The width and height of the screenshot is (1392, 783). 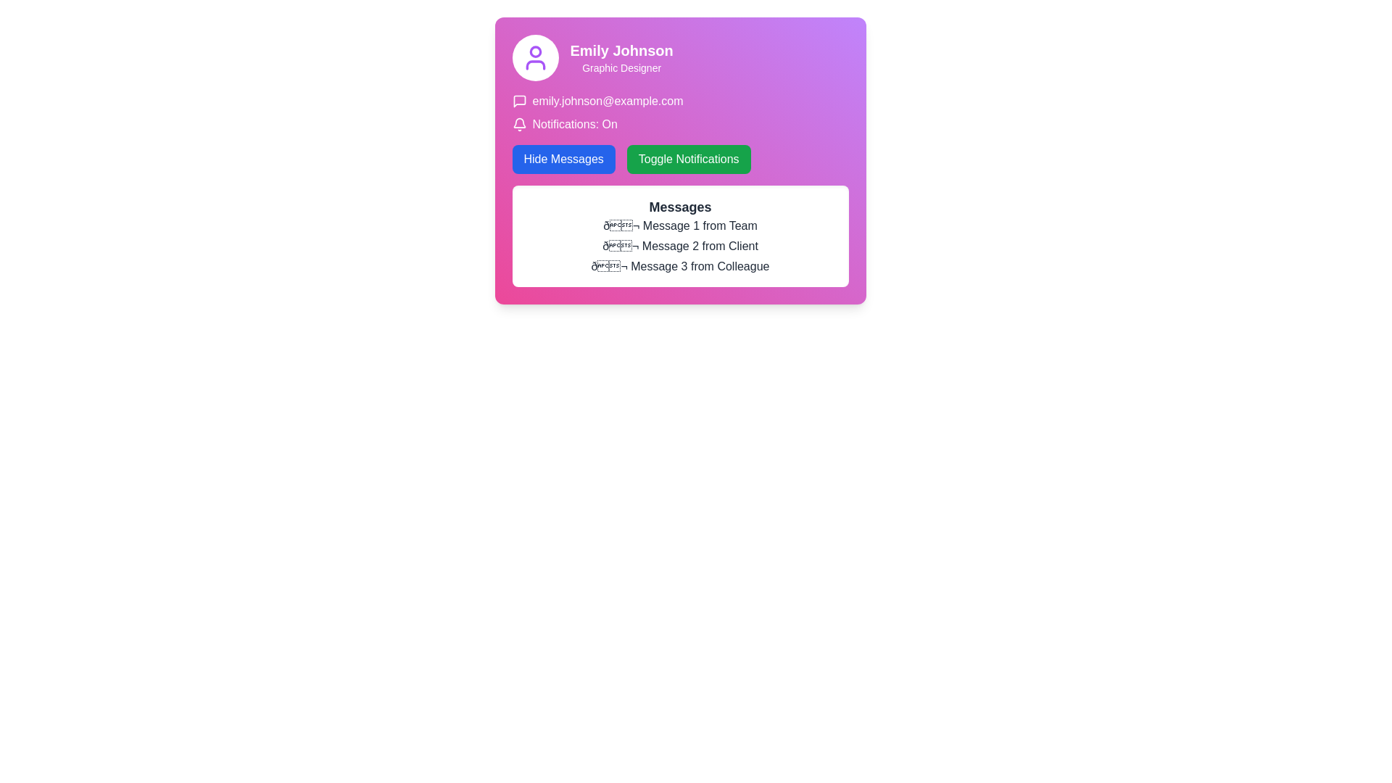 I want to click on the speech bubble icon used for messaging or commenting, located above the email 'emily.johnson@example.com', so click(x=519, y=100).